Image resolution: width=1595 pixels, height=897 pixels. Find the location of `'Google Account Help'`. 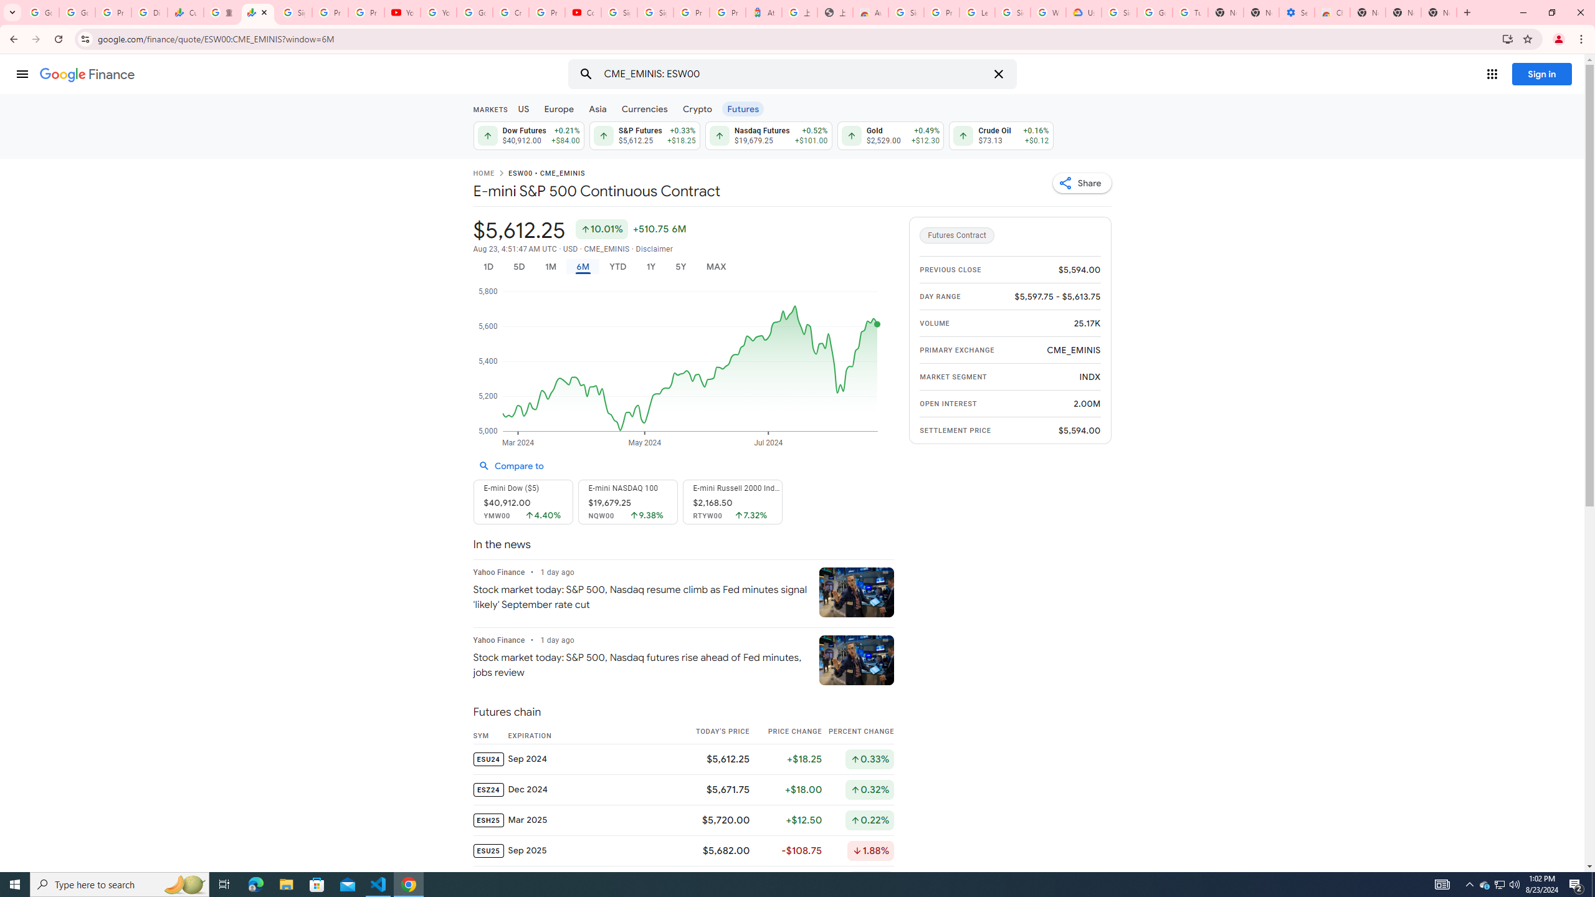

'Google Account Help' is located at coordinates (474, 12).